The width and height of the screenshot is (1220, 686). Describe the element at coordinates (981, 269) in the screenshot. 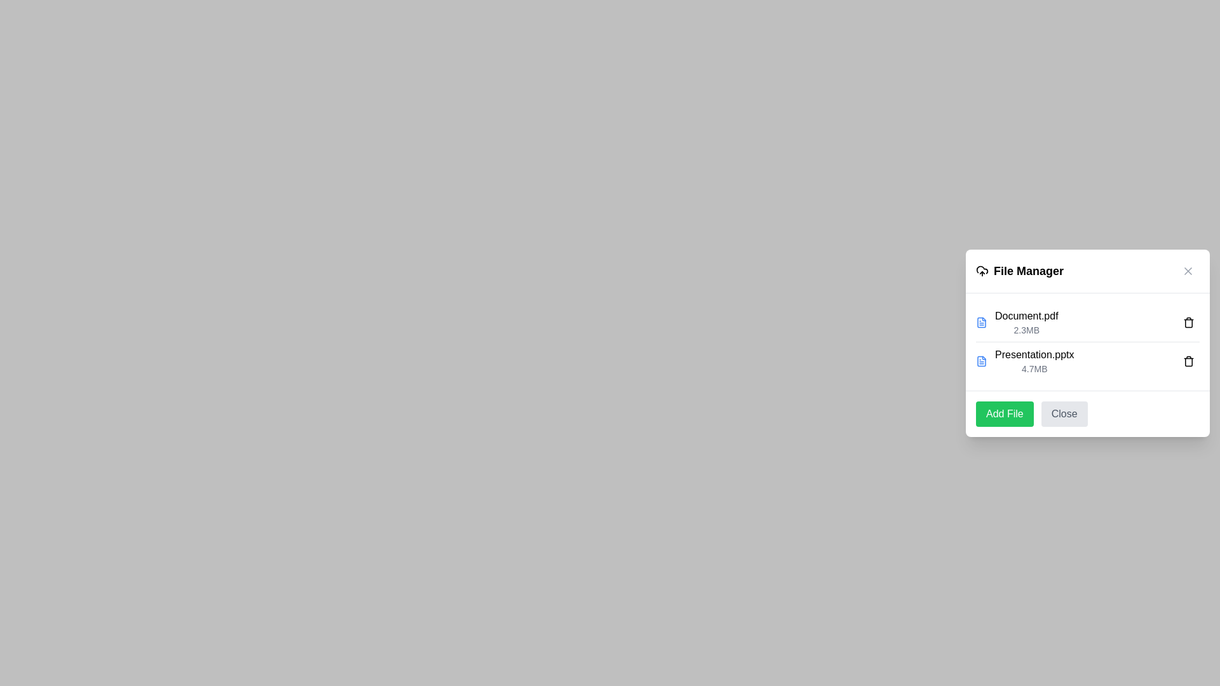

I see `the cloud upload icon located to the left of the 'File Manager' heading in the title bar of the modal` at that location.